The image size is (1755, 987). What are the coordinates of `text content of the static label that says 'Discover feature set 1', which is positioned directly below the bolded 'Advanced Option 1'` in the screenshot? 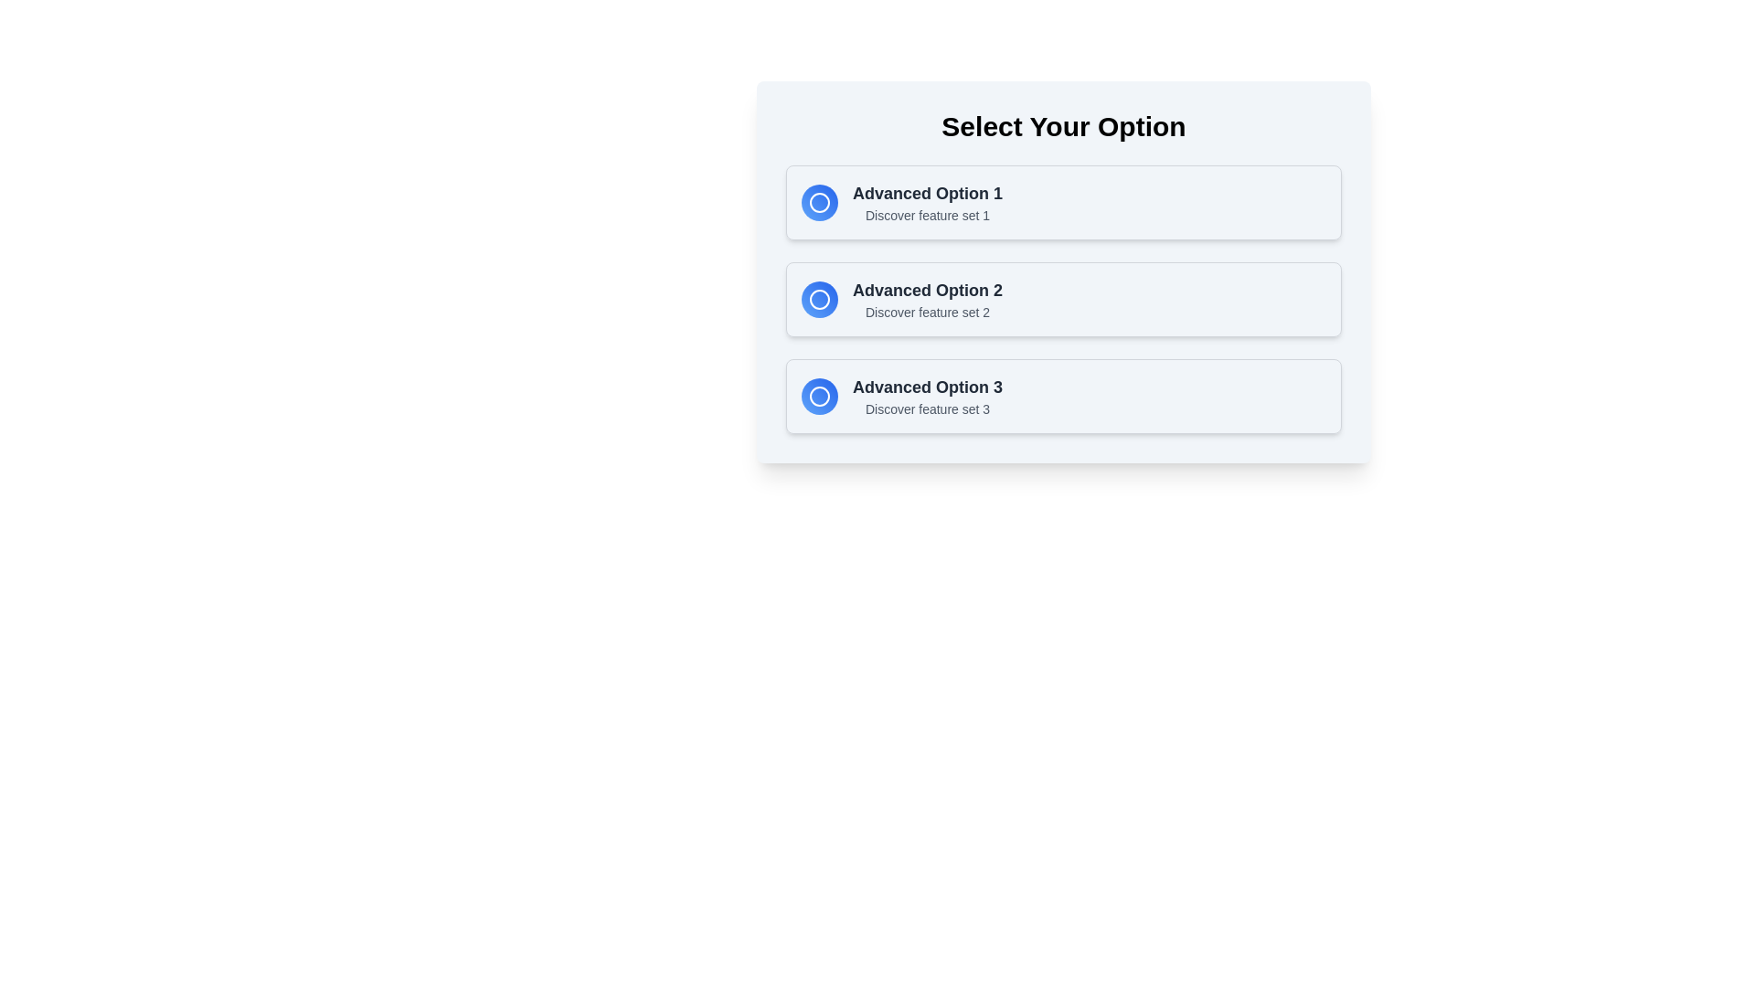 It's located at (928, 214).